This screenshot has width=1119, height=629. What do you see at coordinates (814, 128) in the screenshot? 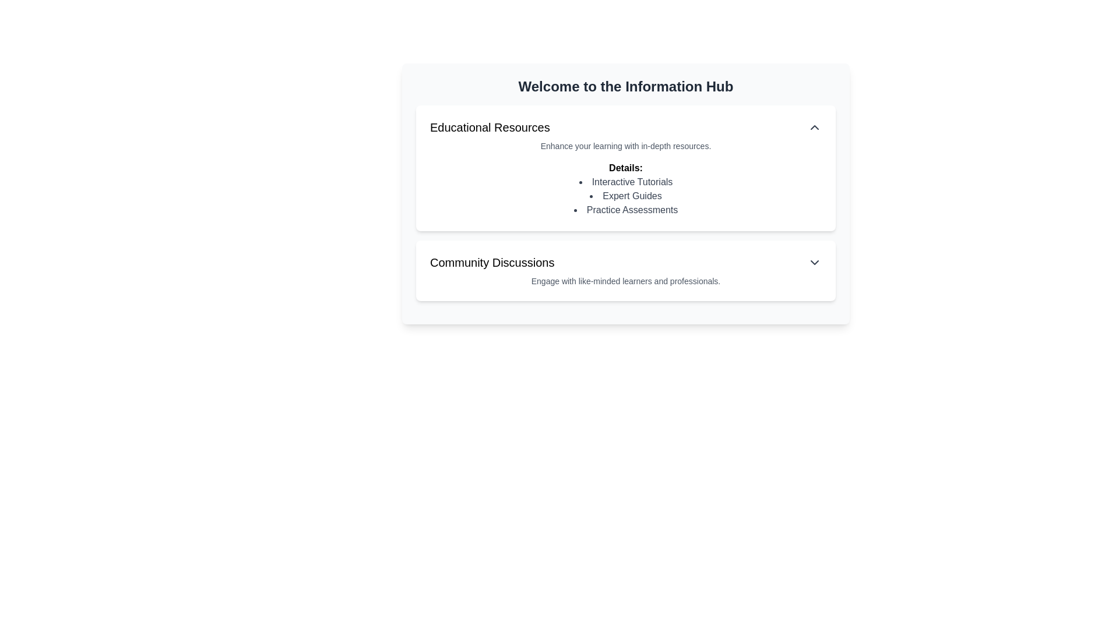
I see `the Chevron toggle button at the top-right corner of the 'Educational Resources' header` at bounding box center [814, 128].